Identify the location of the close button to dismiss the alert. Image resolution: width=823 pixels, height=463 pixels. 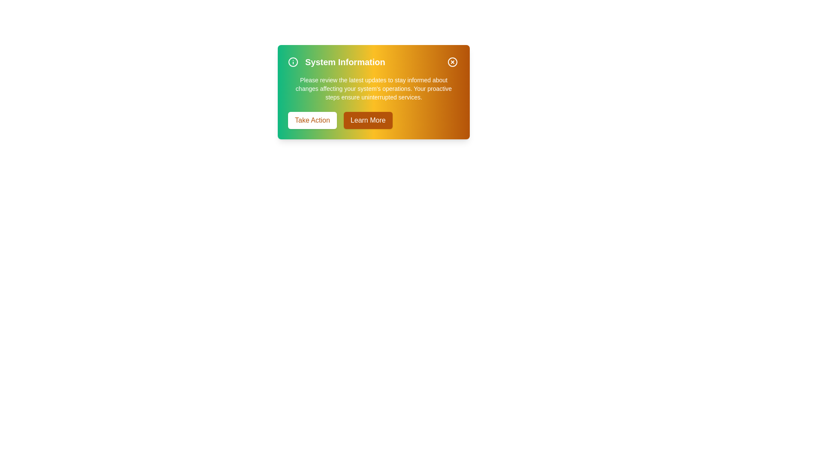
(452, 62).